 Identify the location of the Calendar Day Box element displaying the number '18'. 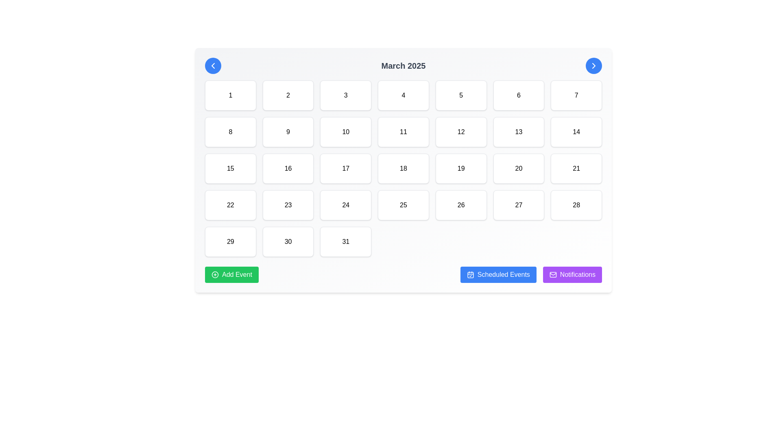
(404, 168).